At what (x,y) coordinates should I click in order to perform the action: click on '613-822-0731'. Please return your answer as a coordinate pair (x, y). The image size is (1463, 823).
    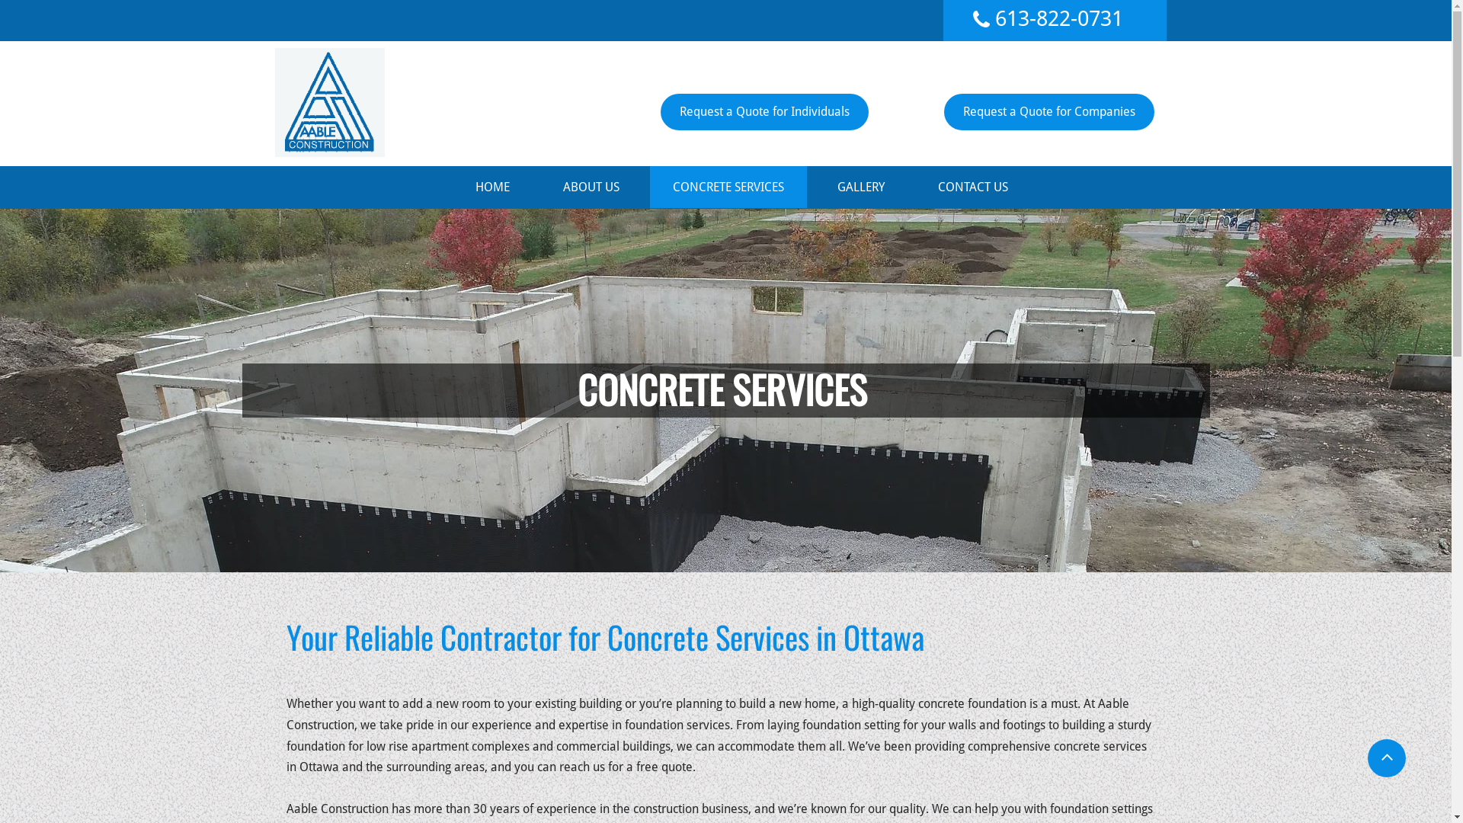
    Looking at the image, I should click on (1058, 18).